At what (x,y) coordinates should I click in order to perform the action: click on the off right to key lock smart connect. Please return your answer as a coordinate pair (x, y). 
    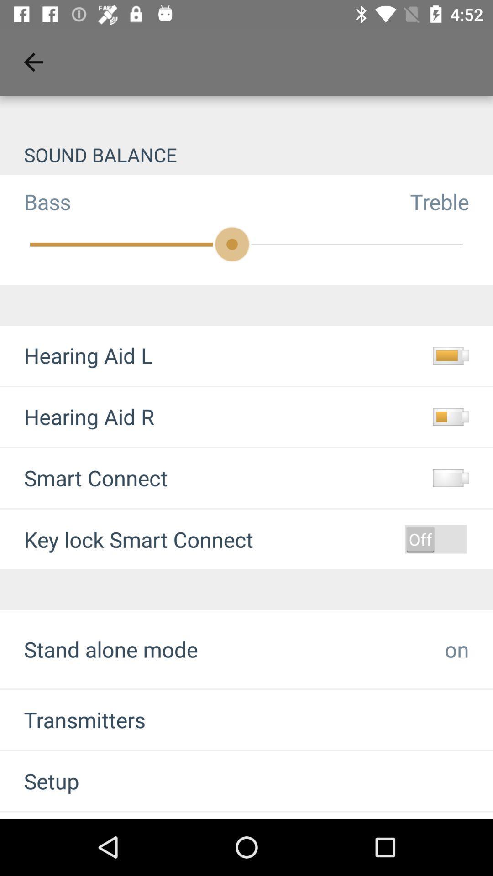
    Looking at the image, I should click on (435, 539).